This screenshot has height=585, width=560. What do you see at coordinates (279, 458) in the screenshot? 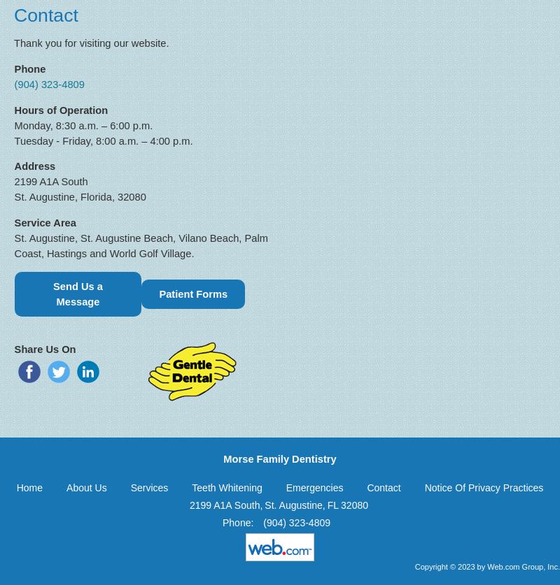
I see `'Morse Family Dentistry'` at bounding box center [279, 458].